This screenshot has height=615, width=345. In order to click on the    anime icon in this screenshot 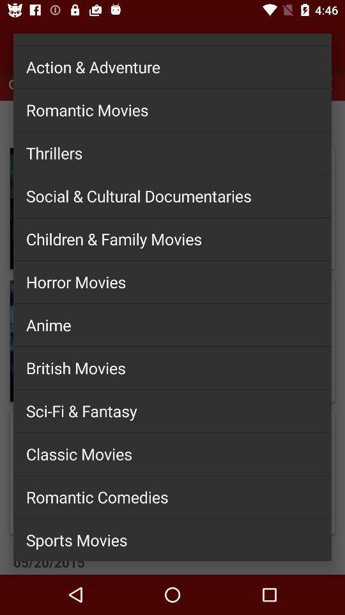, I will do `click(172, 324)`.